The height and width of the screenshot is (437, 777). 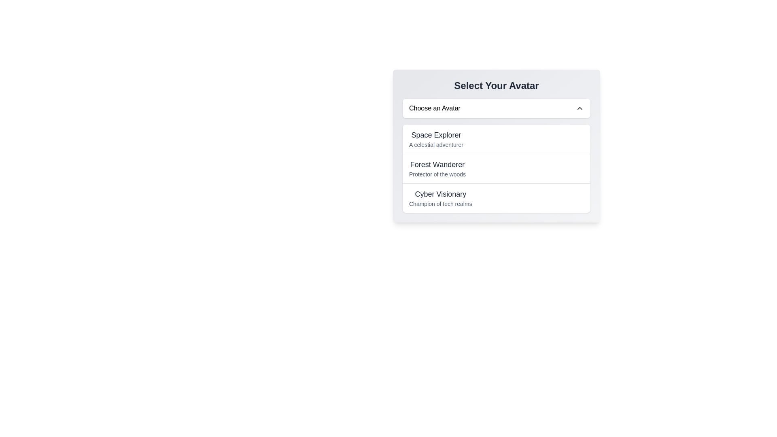 What do you see at coordinates (435, 144) in the screenshot?
I see `the descriptive text label providing supplementary information about the 'Space Explorer' avatar option, located beneath the 'Space Explorer' text in the 'Select Your Avatar' dropdown card` at bounding box center [435, 144].